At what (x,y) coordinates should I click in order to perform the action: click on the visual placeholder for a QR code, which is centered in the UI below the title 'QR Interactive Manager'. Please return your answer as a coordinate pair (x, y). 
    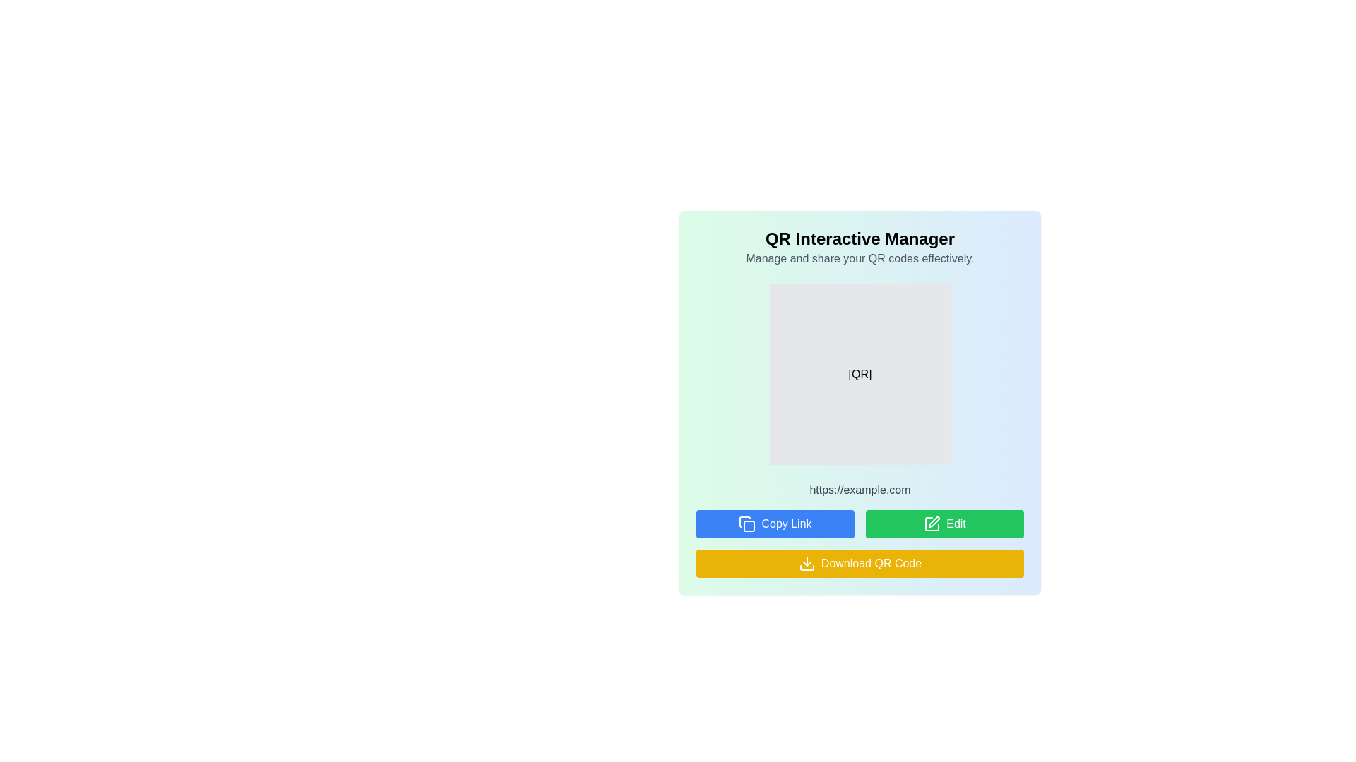
    Looking at the image, I should click on (860, 374).